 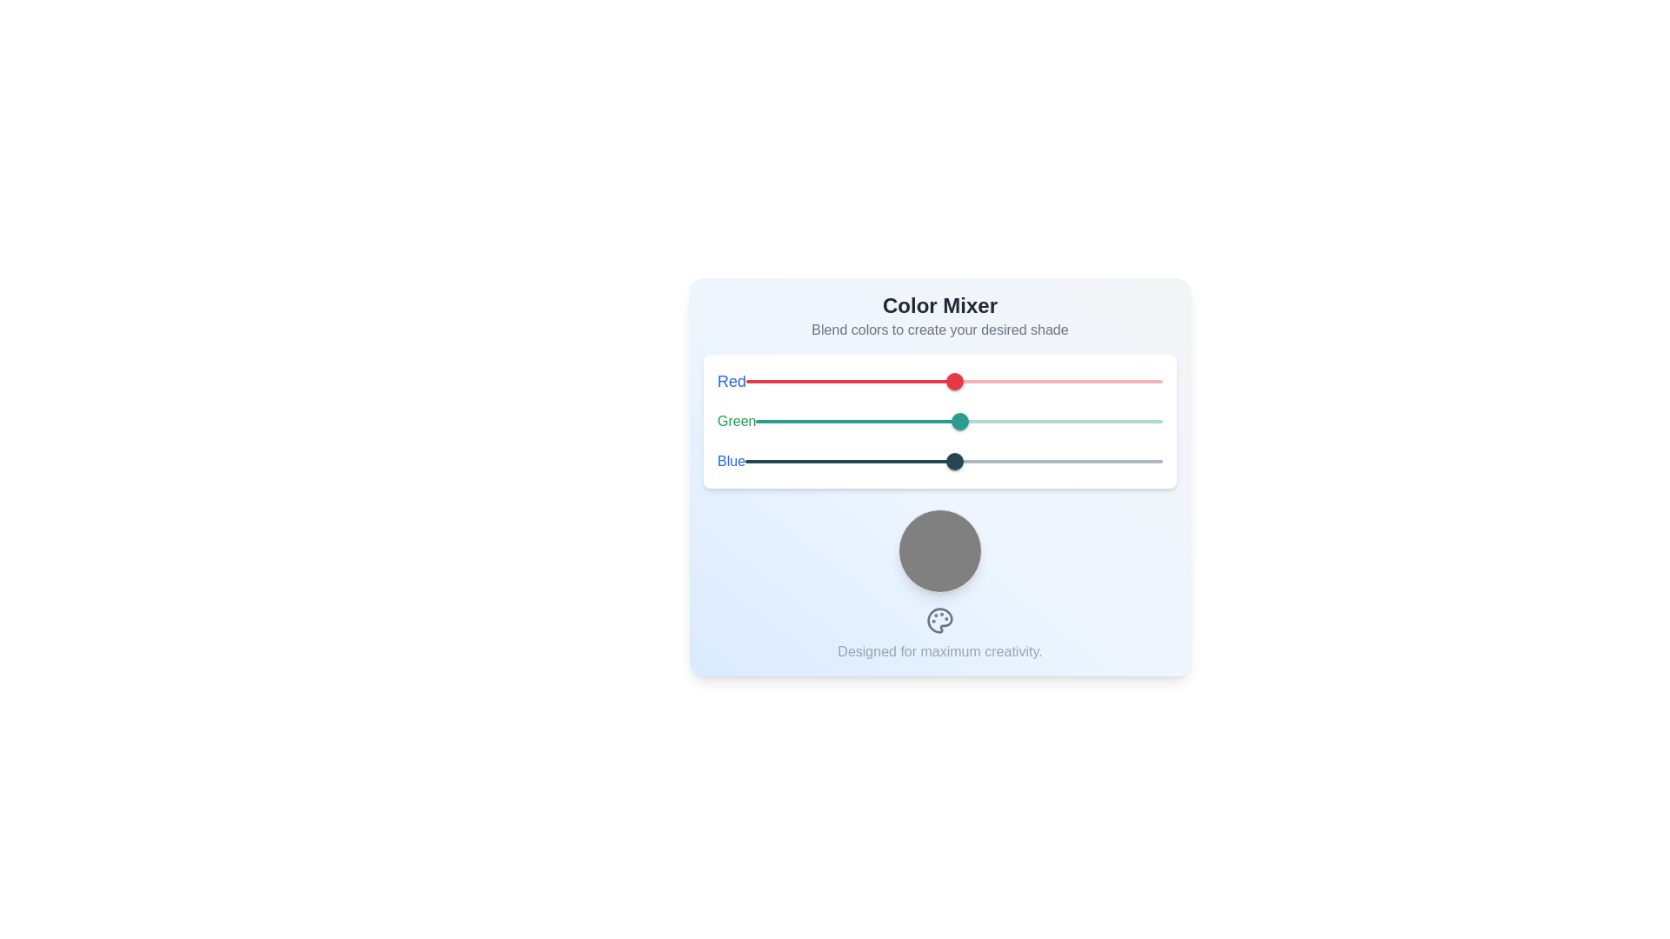 I want to click on the red color intensity, so click(x=925, y=381).